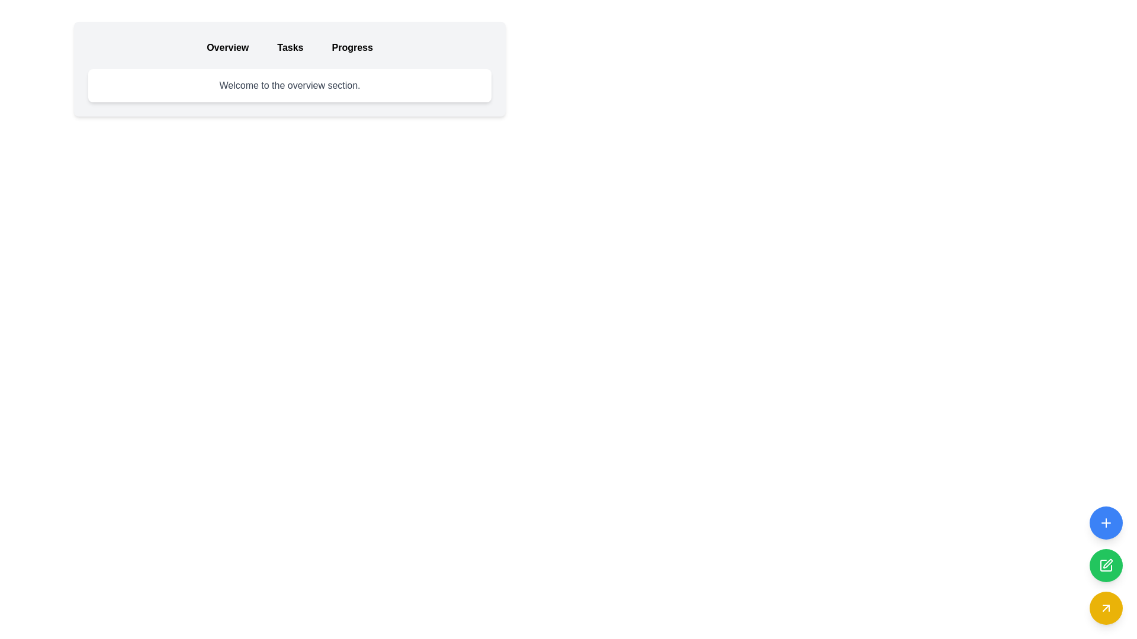 The height and width of the screenshot is (639, 1137). What do you see at coordinates (352, 47) in the screenshot?
I see `the 'Progress' navigation button, which is the third button in a horizontal group at the top of the interface, positioned to the right of the 'Tasks' button` at bounding box center [352, 47].